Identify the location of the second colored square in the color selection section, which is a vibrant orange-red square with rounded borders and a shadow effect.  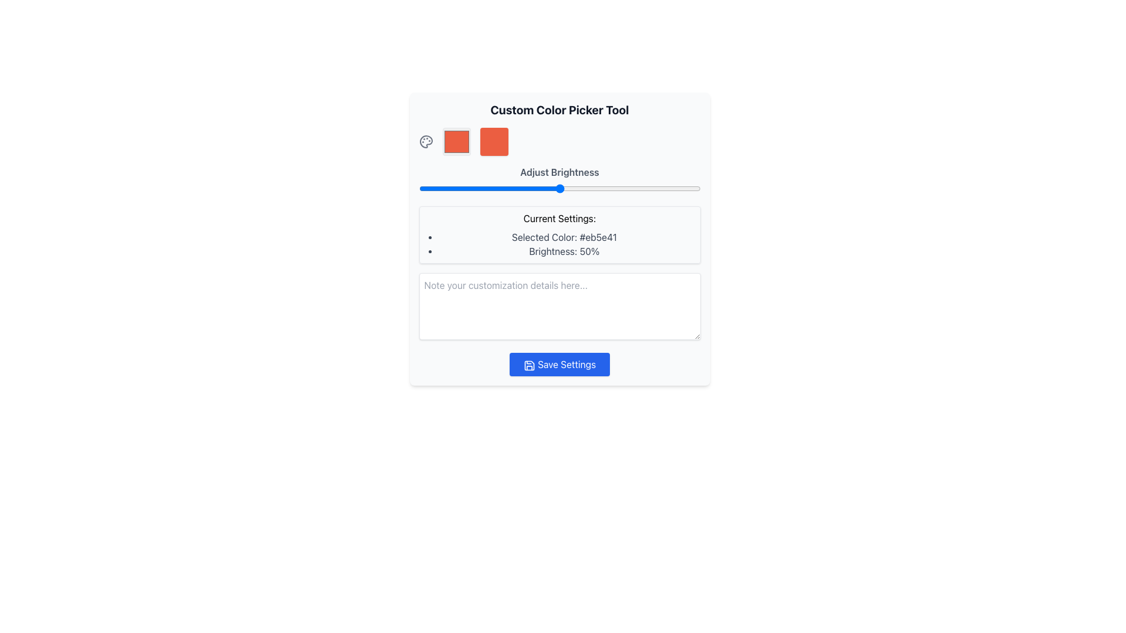
(494, 141).